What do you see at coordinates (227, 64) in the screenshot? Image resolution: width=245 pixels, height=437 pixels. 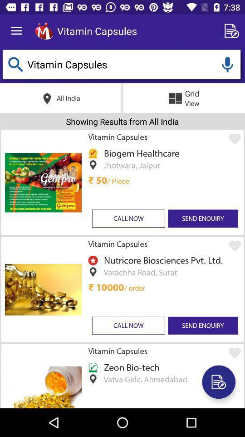 I see `the item above showing results from icon` at bounding box center [227, 64].